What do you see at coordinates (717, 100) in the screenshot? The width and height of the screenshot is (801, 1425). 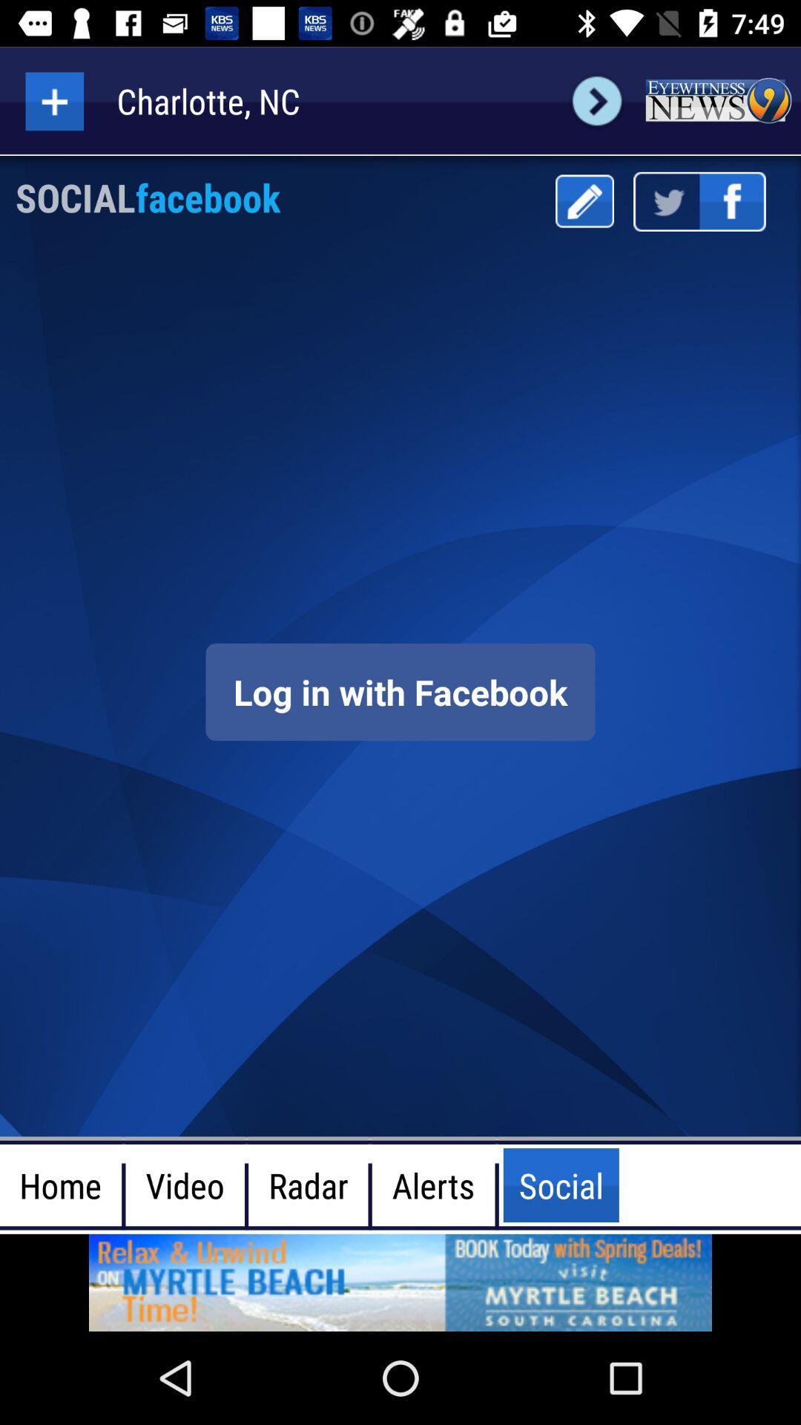 I see `news` at bounding box center [717, 100].